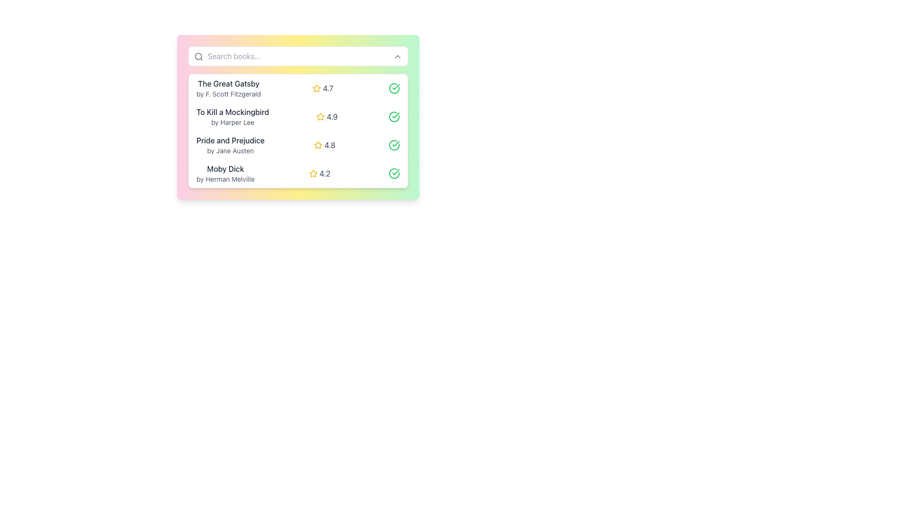 This screenshot has width=909, height=511. What do you see at coordinates (394, 88) in the screenshot?
I see `the circular green checkmark icon indicating a confirmed status, located at the rightmost position of the row containing 'The Great Gatsby by F. Scott Fitzgerald' and a rating of '4.7'` at bounding box center [394, 88].